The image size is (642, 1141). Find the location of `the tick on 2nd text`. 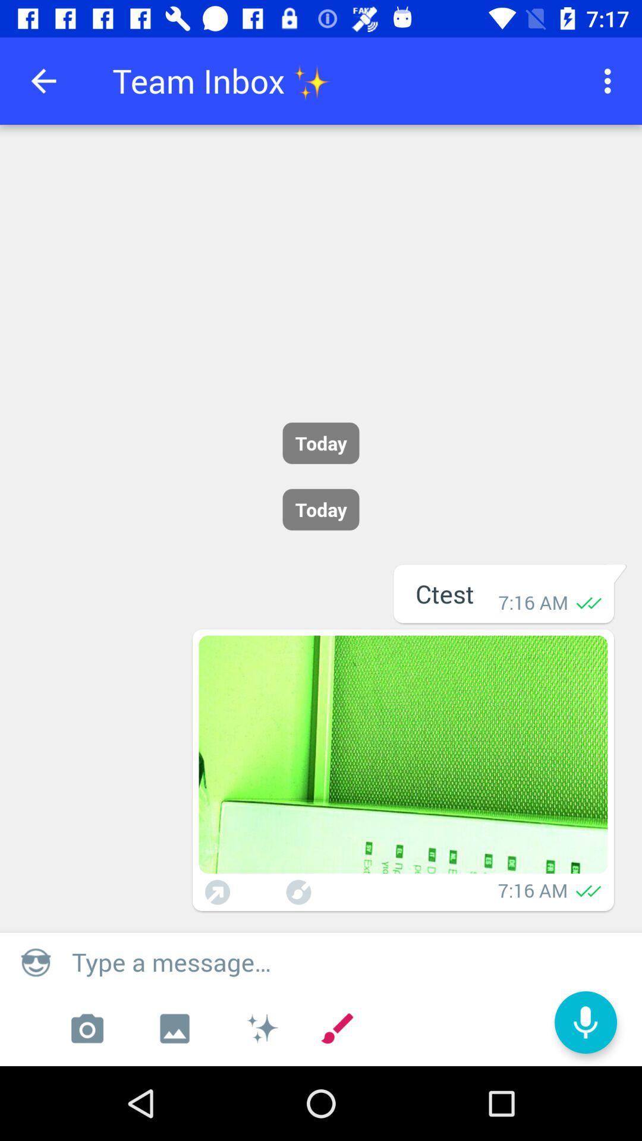

the tick on 2nd text is located at coordinates (589, 890).